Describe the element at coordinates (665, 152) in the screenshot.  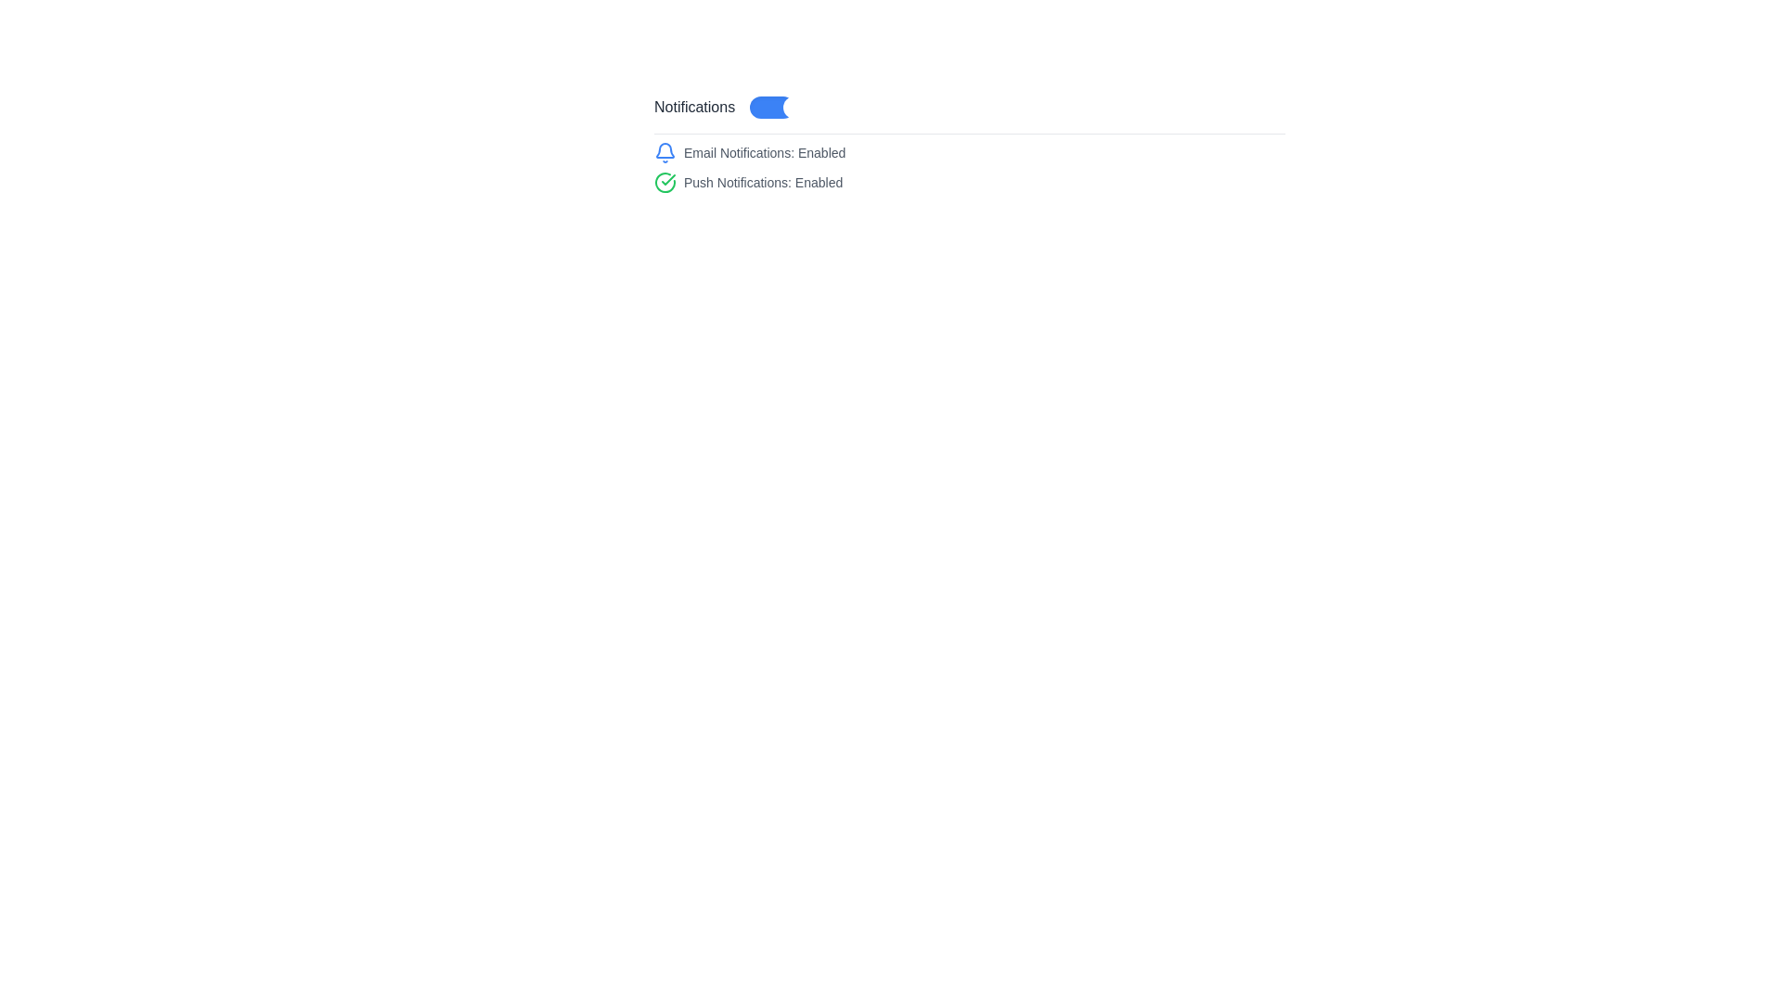
I see `the blue bell icon representing notifications, located to the left of the text 'Email Notifications: Enabled'` at that location.